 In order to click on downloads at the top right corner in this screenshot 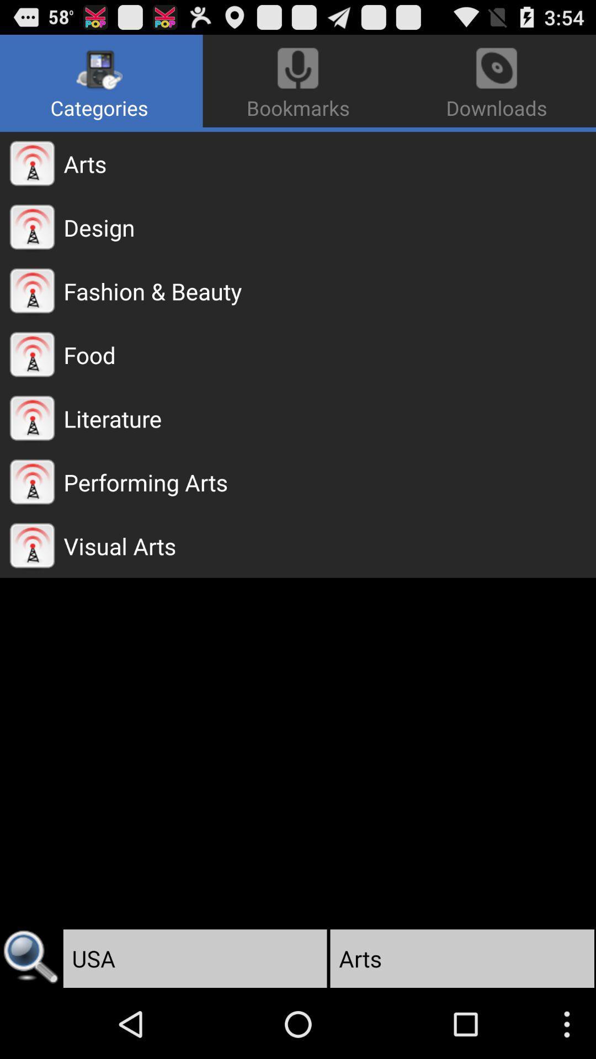, I will do `click(494, 81)`.